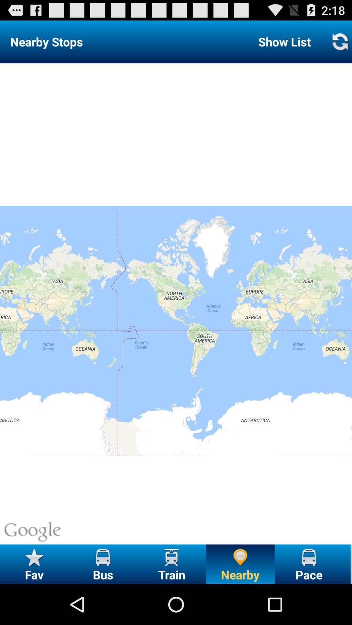 This screenshot has width=352, height=625. Describe the element at coordinates (340, 44) in the screenshot. I see `the refresh icon` at that location.